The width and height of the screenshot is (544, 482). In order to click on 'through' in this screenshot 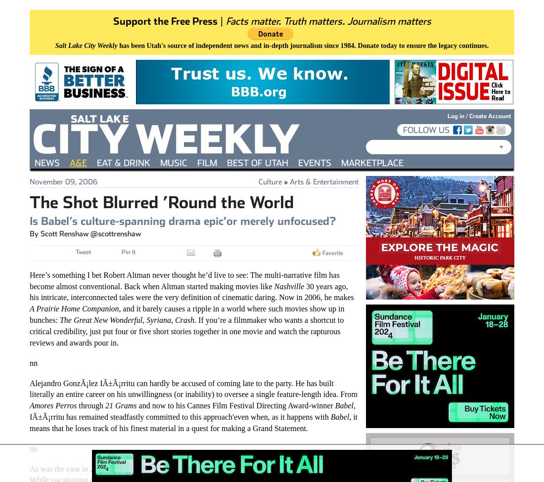, I will do `click(91, 405)`.